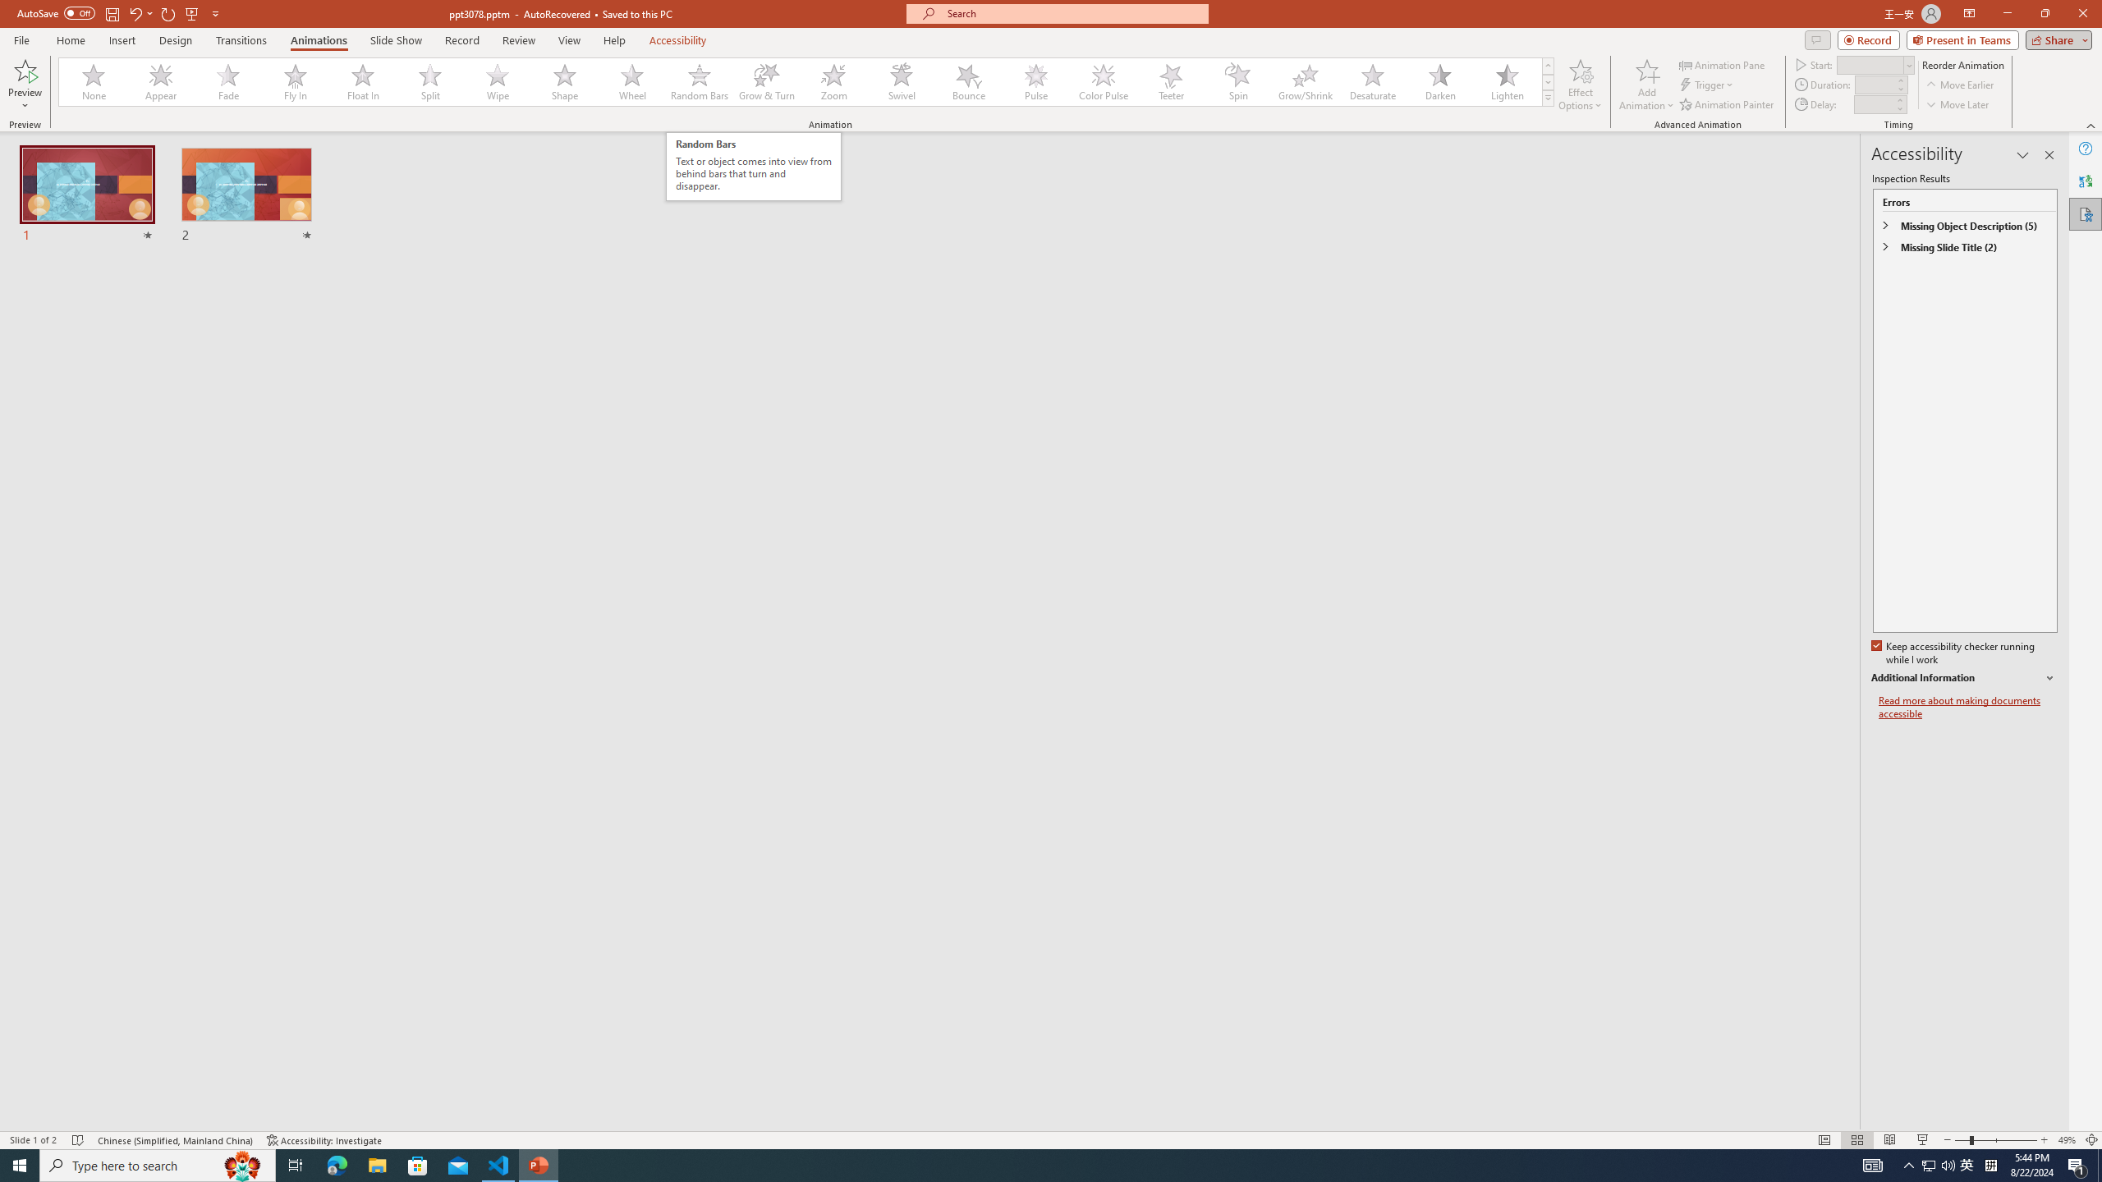 Image resolution: width=2102 pixels, height=1182 pixels. What do you see at coordinates (1506, 81) in the screenshot?
I see `'Lighten'` at bounding box center [1506, 81].